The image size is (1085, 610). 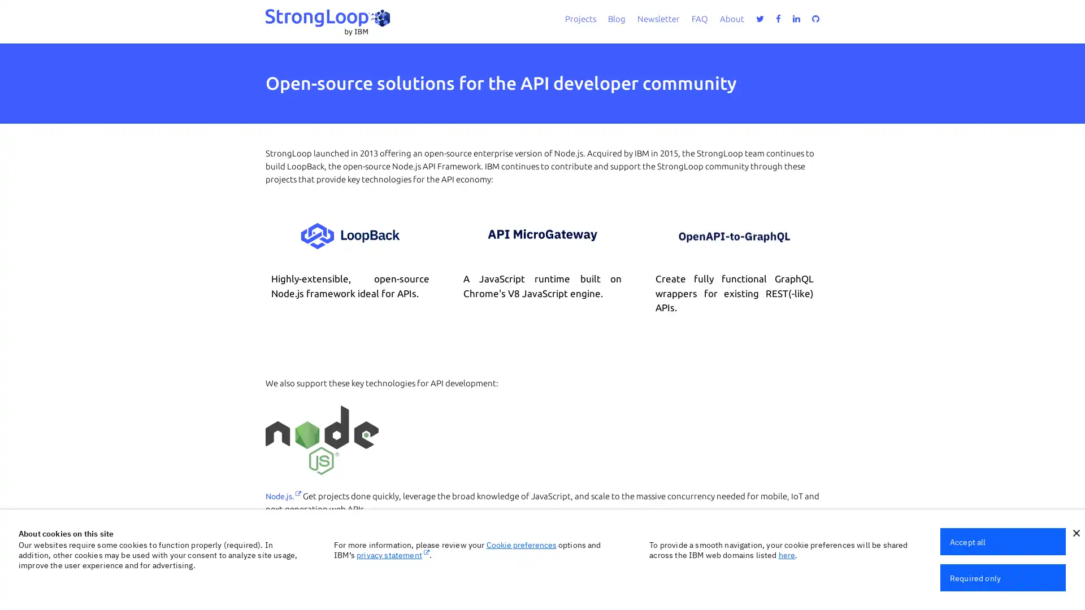 What do you see at coordinates (1003, 577) in the screenshot?
I see `Required only` at bounding box center [1003, 577].